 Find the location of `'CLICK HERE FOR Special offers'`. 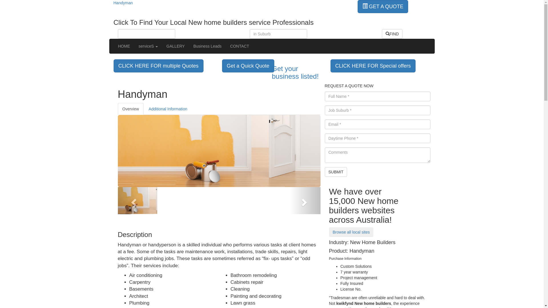

'CLICK HERE FOR Special offers' is located at coordinates (373, 65).